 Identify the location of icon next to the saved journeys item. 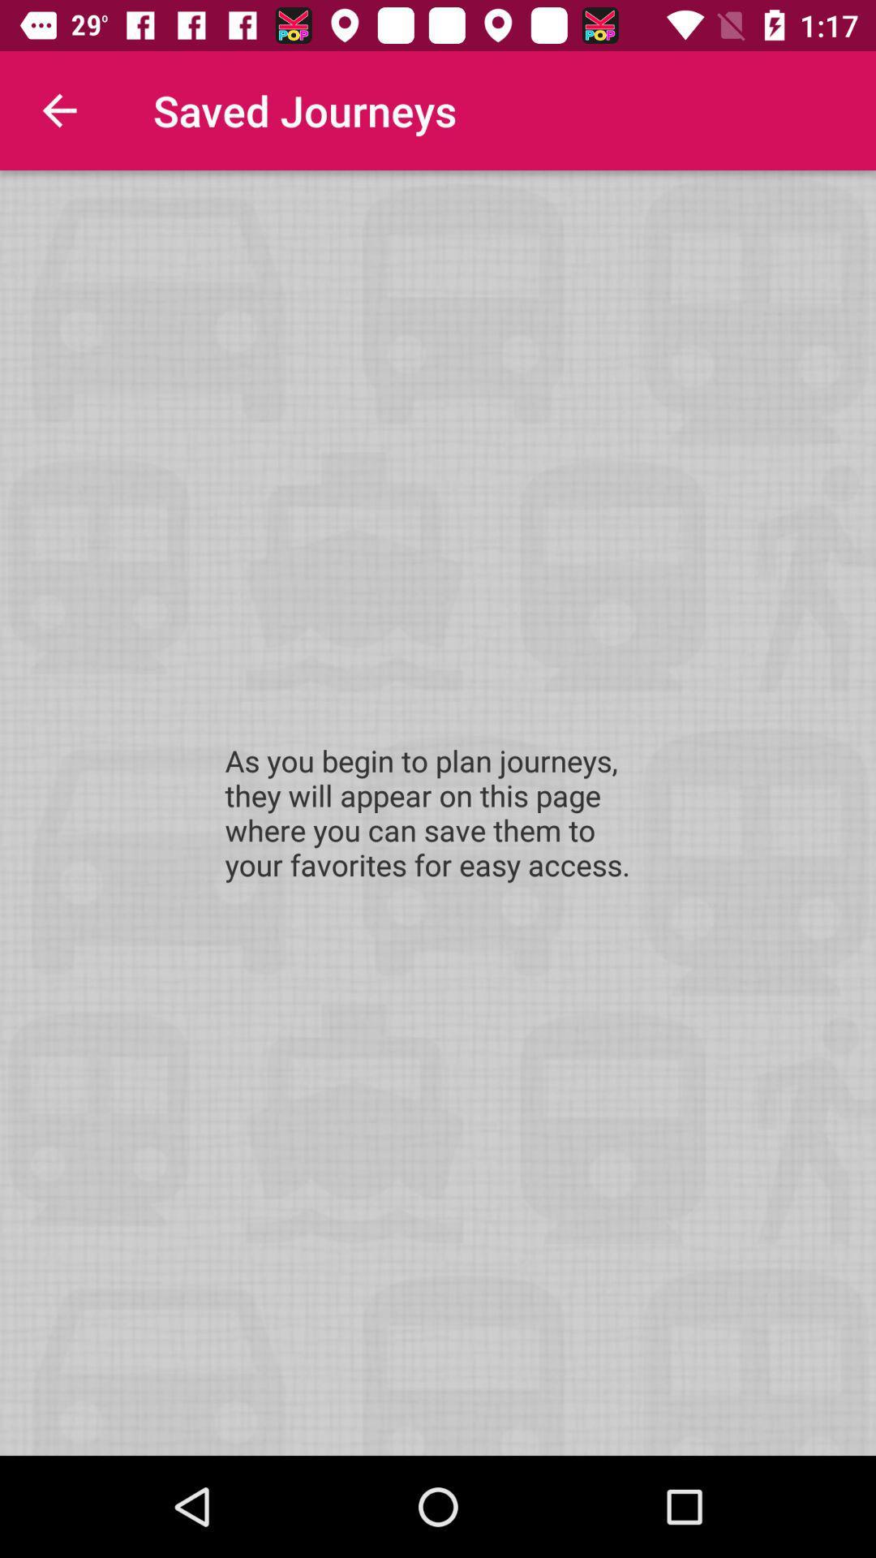
(58, 110).